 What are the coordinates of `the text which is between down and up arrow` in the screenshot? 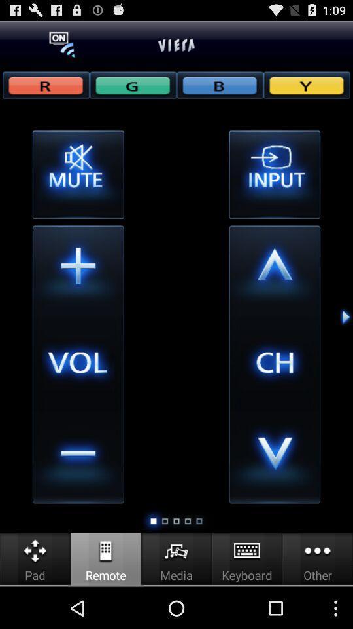 It's located at (274, 364).